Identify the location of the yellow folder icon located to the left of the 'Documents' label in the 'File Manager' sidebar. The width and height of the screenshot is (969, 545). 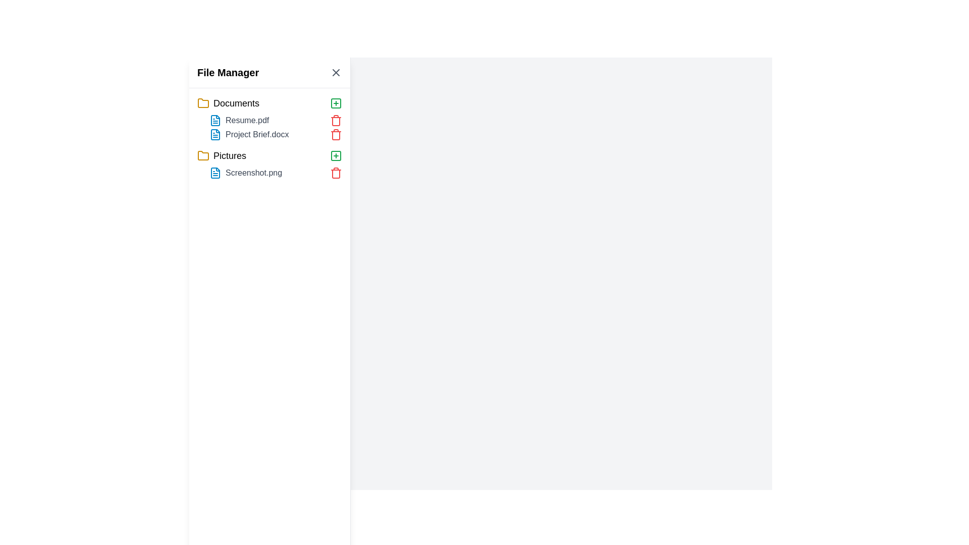
(203, 103).